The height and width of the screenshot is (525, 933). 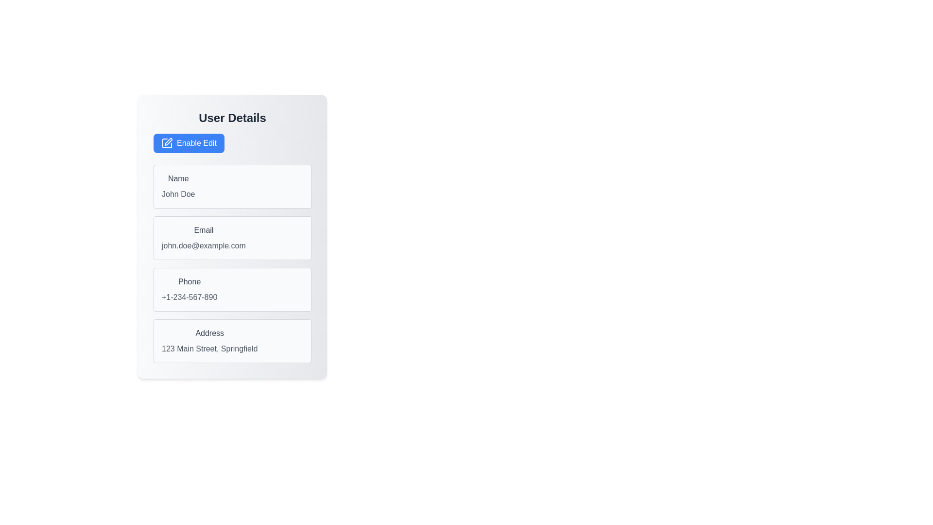 What do you see at coordinates (232, 289) in the screenshot?
I see `the display box that shows the user's phone number, which is the third element in the user details card layout, positioned below the 'Email' box and above the 'Address' box` at bounding box center [232, 289].